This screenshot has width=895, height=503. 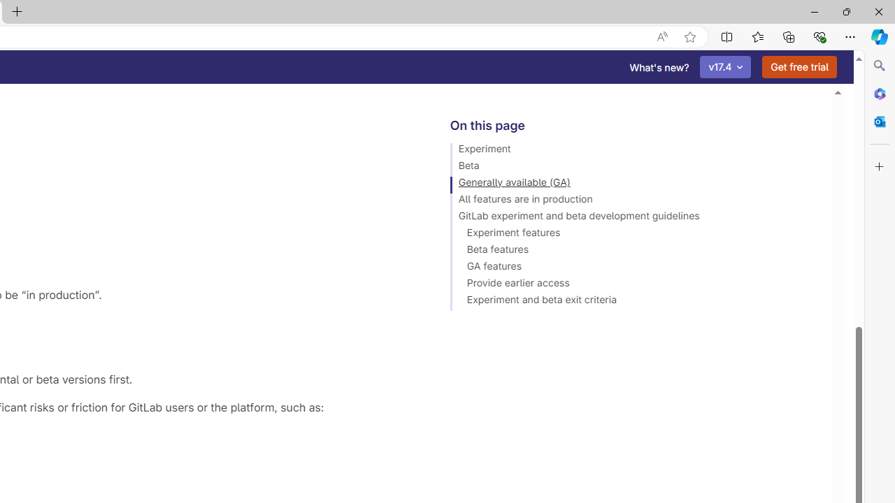 What do you see at coordinates (726, 67) in the screenshot?
I see `'v17.4'` at bounding box center [726, 67].